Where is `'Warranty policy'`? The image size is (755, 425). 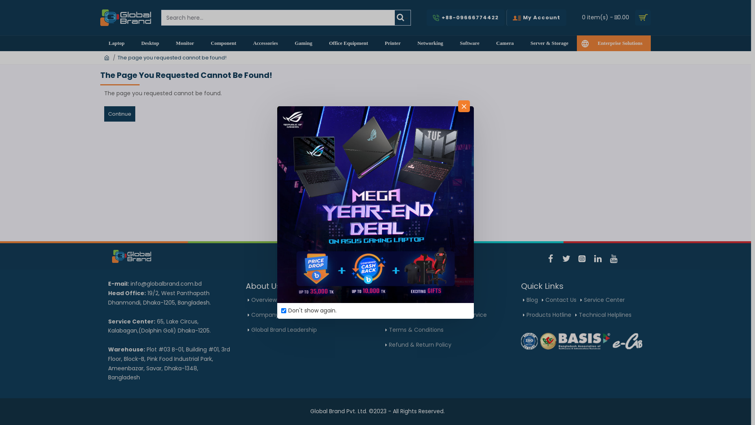 'Warranty policy' is located at coordinates (409, 315).